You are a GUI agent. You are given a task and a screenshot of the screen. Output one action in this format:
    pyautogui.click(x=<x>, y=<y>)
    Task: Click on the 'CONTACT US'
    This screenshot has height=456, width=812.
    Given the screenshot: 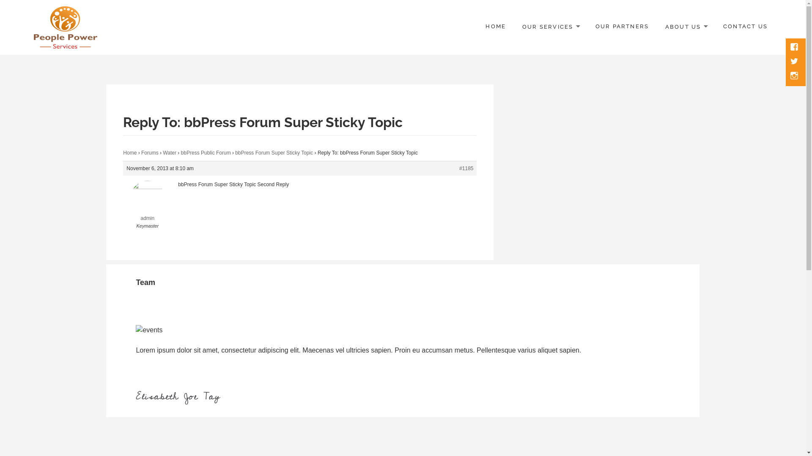 What is the action you would take?
    pyautogui.click(x=745, y=27)
    